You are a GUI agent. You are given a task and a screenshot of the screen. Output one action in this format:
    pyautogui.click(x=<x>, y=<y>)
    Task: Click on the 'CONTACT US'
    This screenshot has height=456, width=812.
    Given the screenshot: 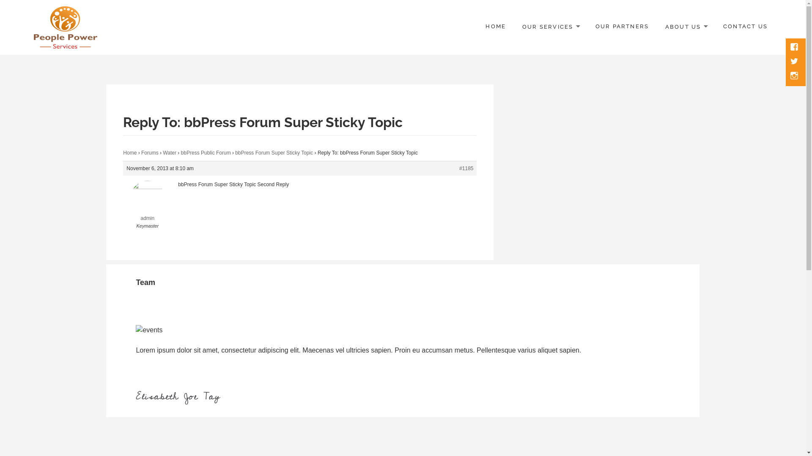 What is the action you would take?
    pyautogui.click(x=745, y=27)
    